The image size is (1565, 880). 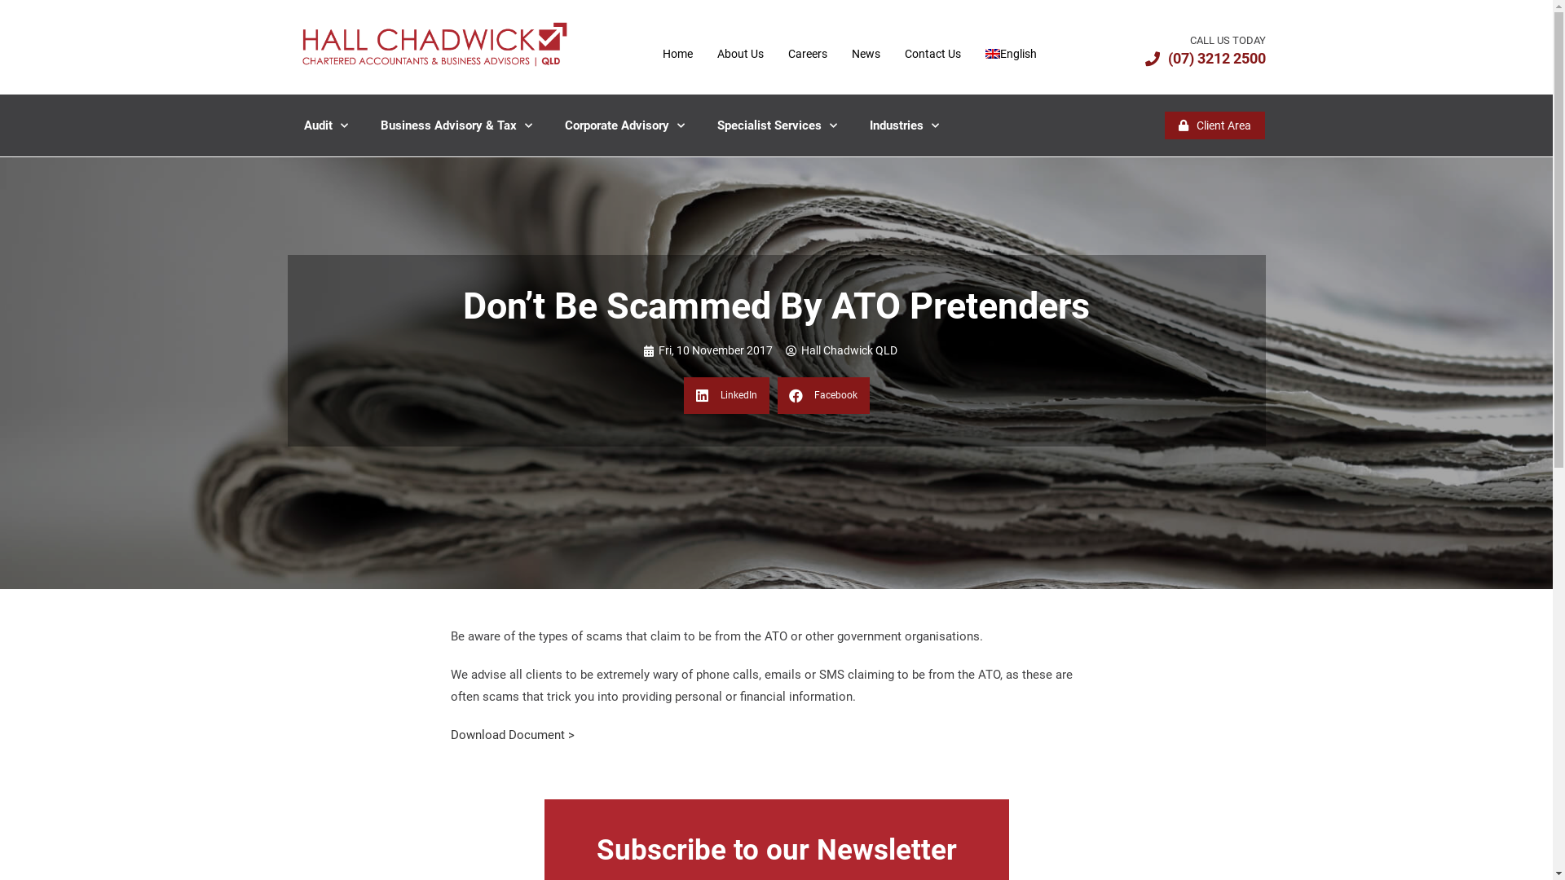 What do you see at coordinates (739, 52) in the screenshot?
I see `'About Us'` at bounding box center [739, 52].